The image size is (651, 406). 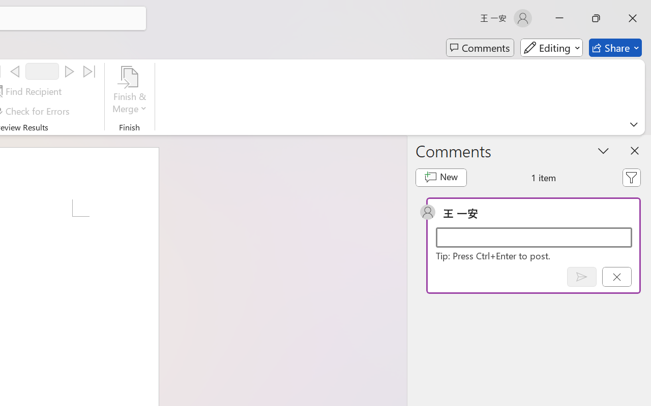 What do you see at coordinates (631, 178) in the screenshot?
I see `'Filter'` at bounding box center [631, 178].